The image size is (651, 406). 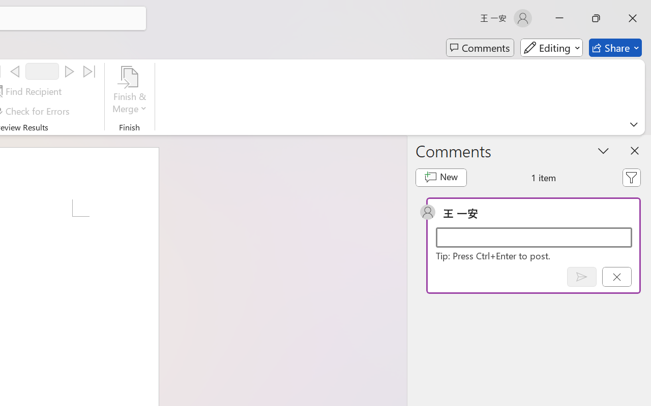 What do you see at coordinates (631, 178) in the screenshot?
I see `'Filter'` at bounding box center [631, 178].